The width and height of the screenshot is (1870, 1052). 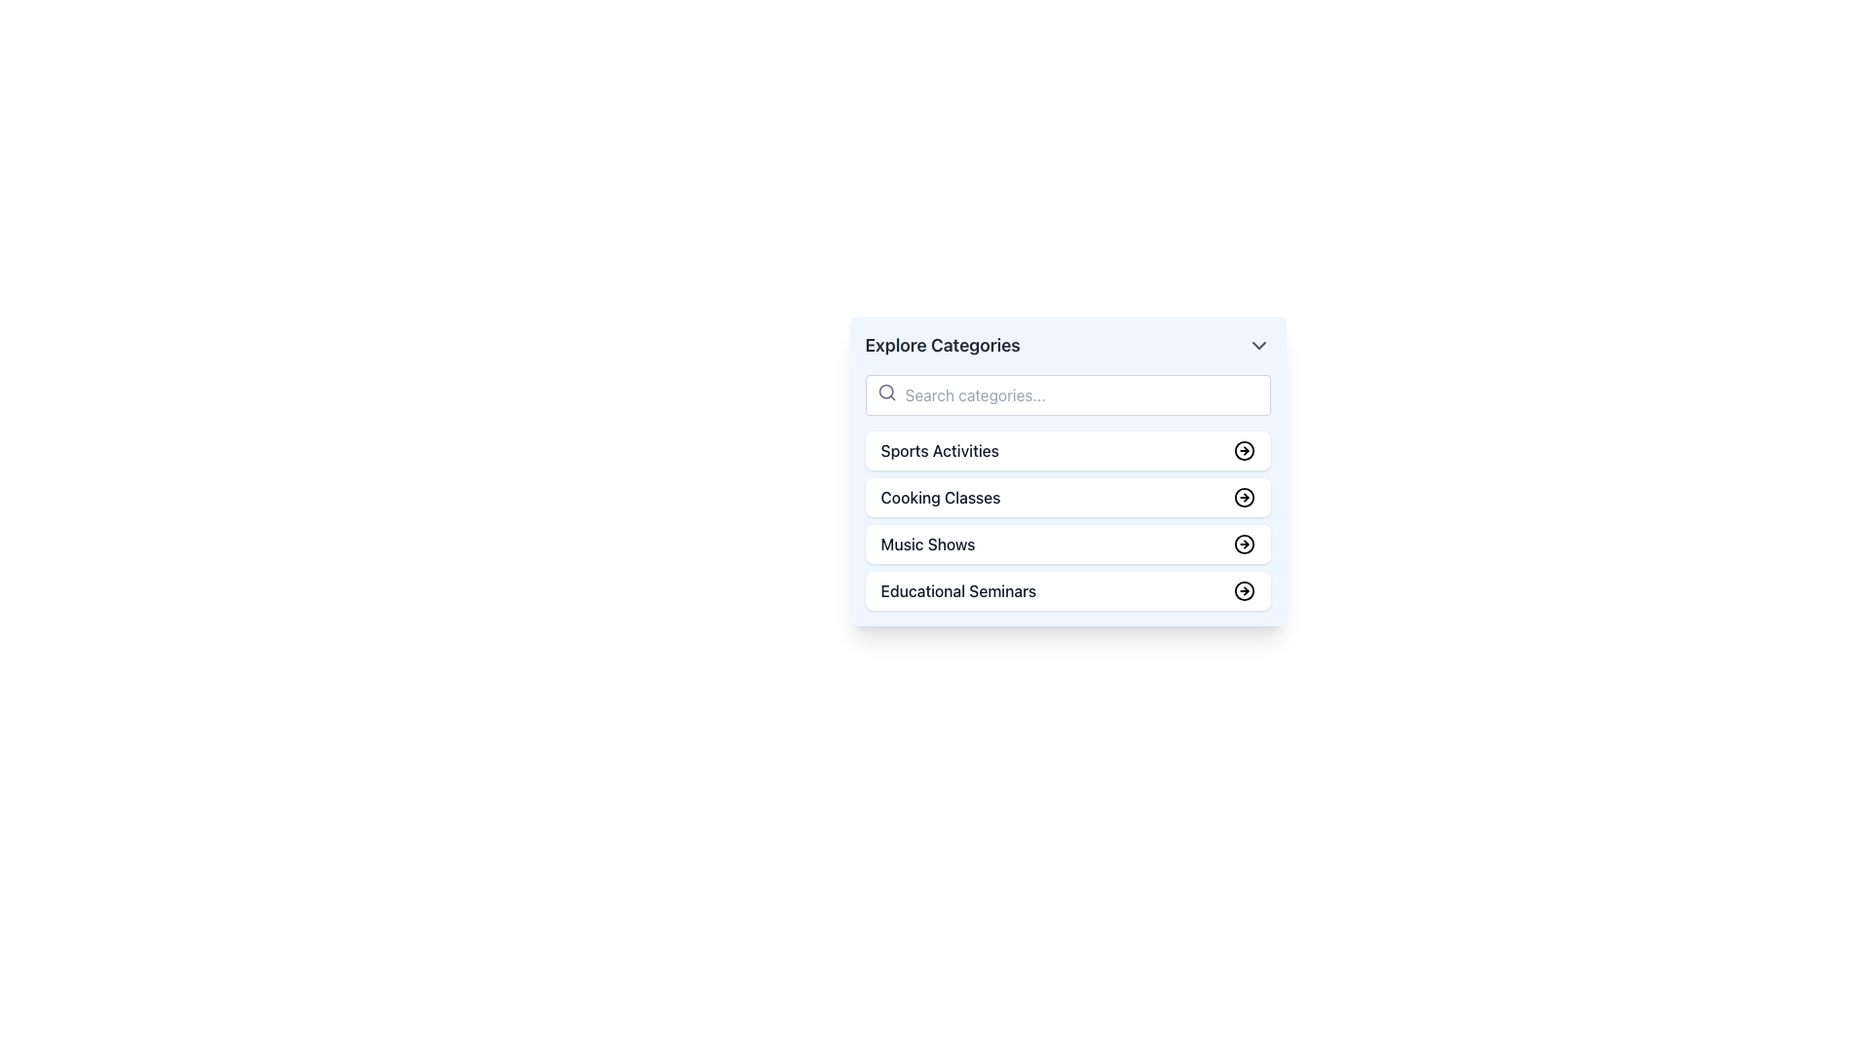 I want to click on the small circular magnifying glass icon located at the left side of the search bar, which serves as a visual cue for interaction, so click(x=884, y=392).